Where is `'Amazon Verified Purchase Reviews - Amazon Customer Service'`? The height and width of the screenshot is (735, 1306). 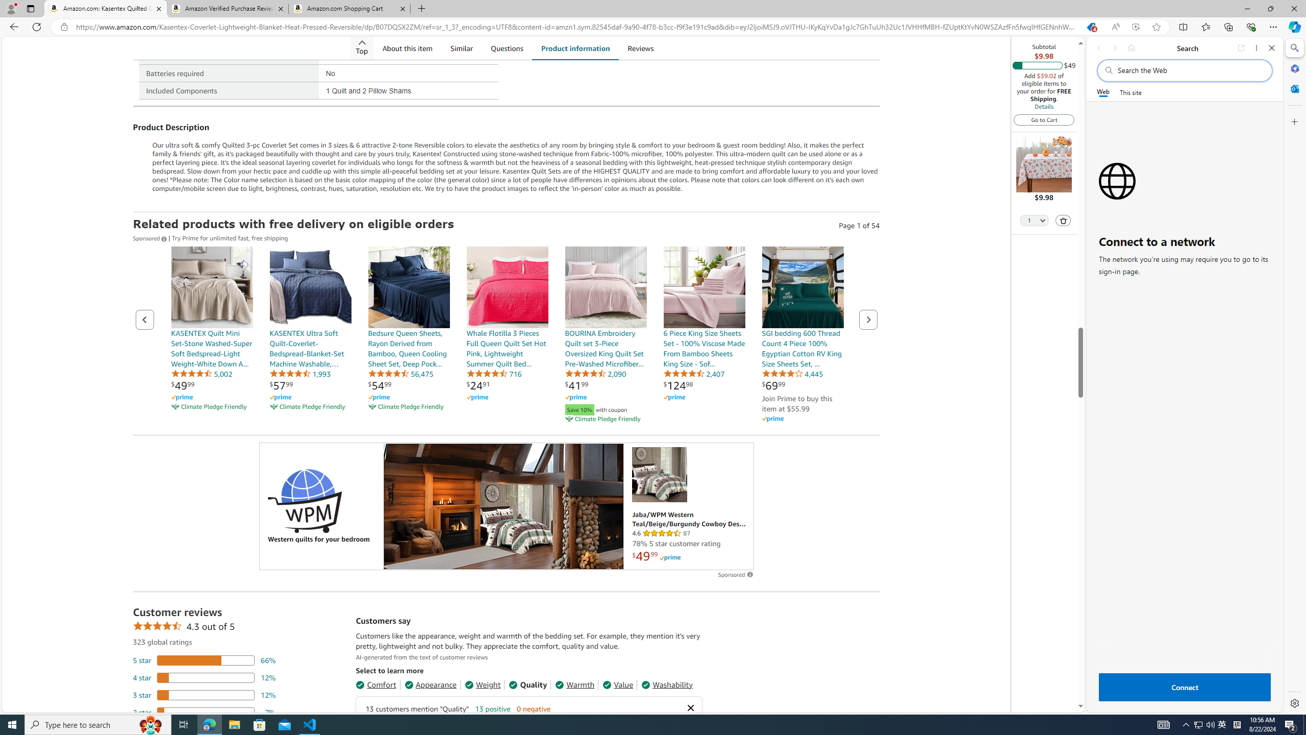 'Amazon Verified Purchase Reviews - Amazon Customer Service' is located at coordinates (227, 8).